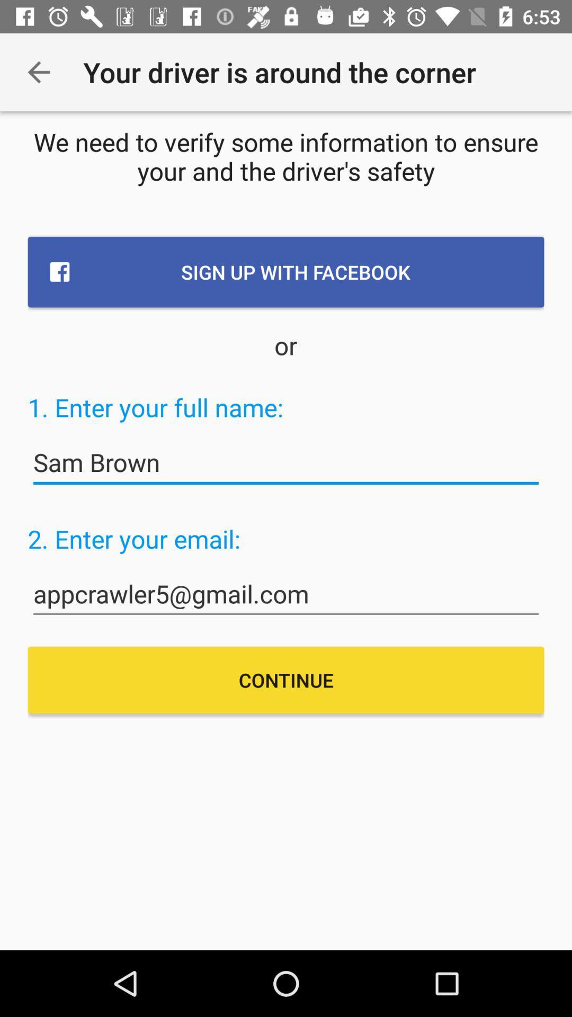  Describe the element at coordinates (286, 462) in the screenshot. I see `the sam brown` at that location.